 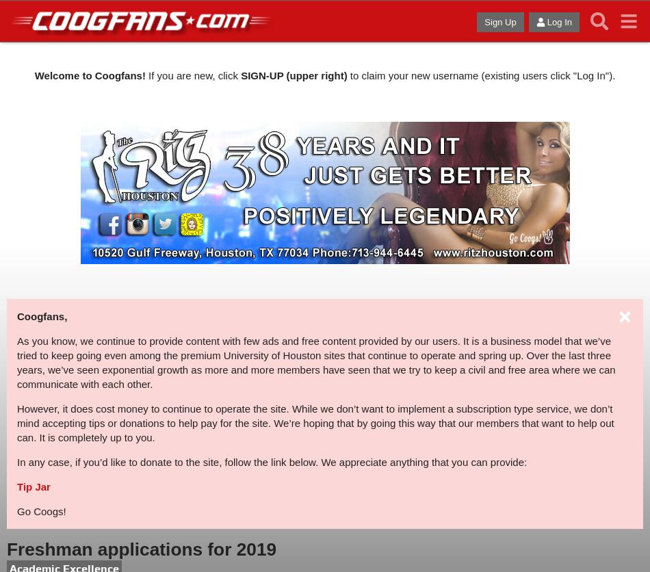 I want to click on 'Tip Jar', so click(x=34, y=486).